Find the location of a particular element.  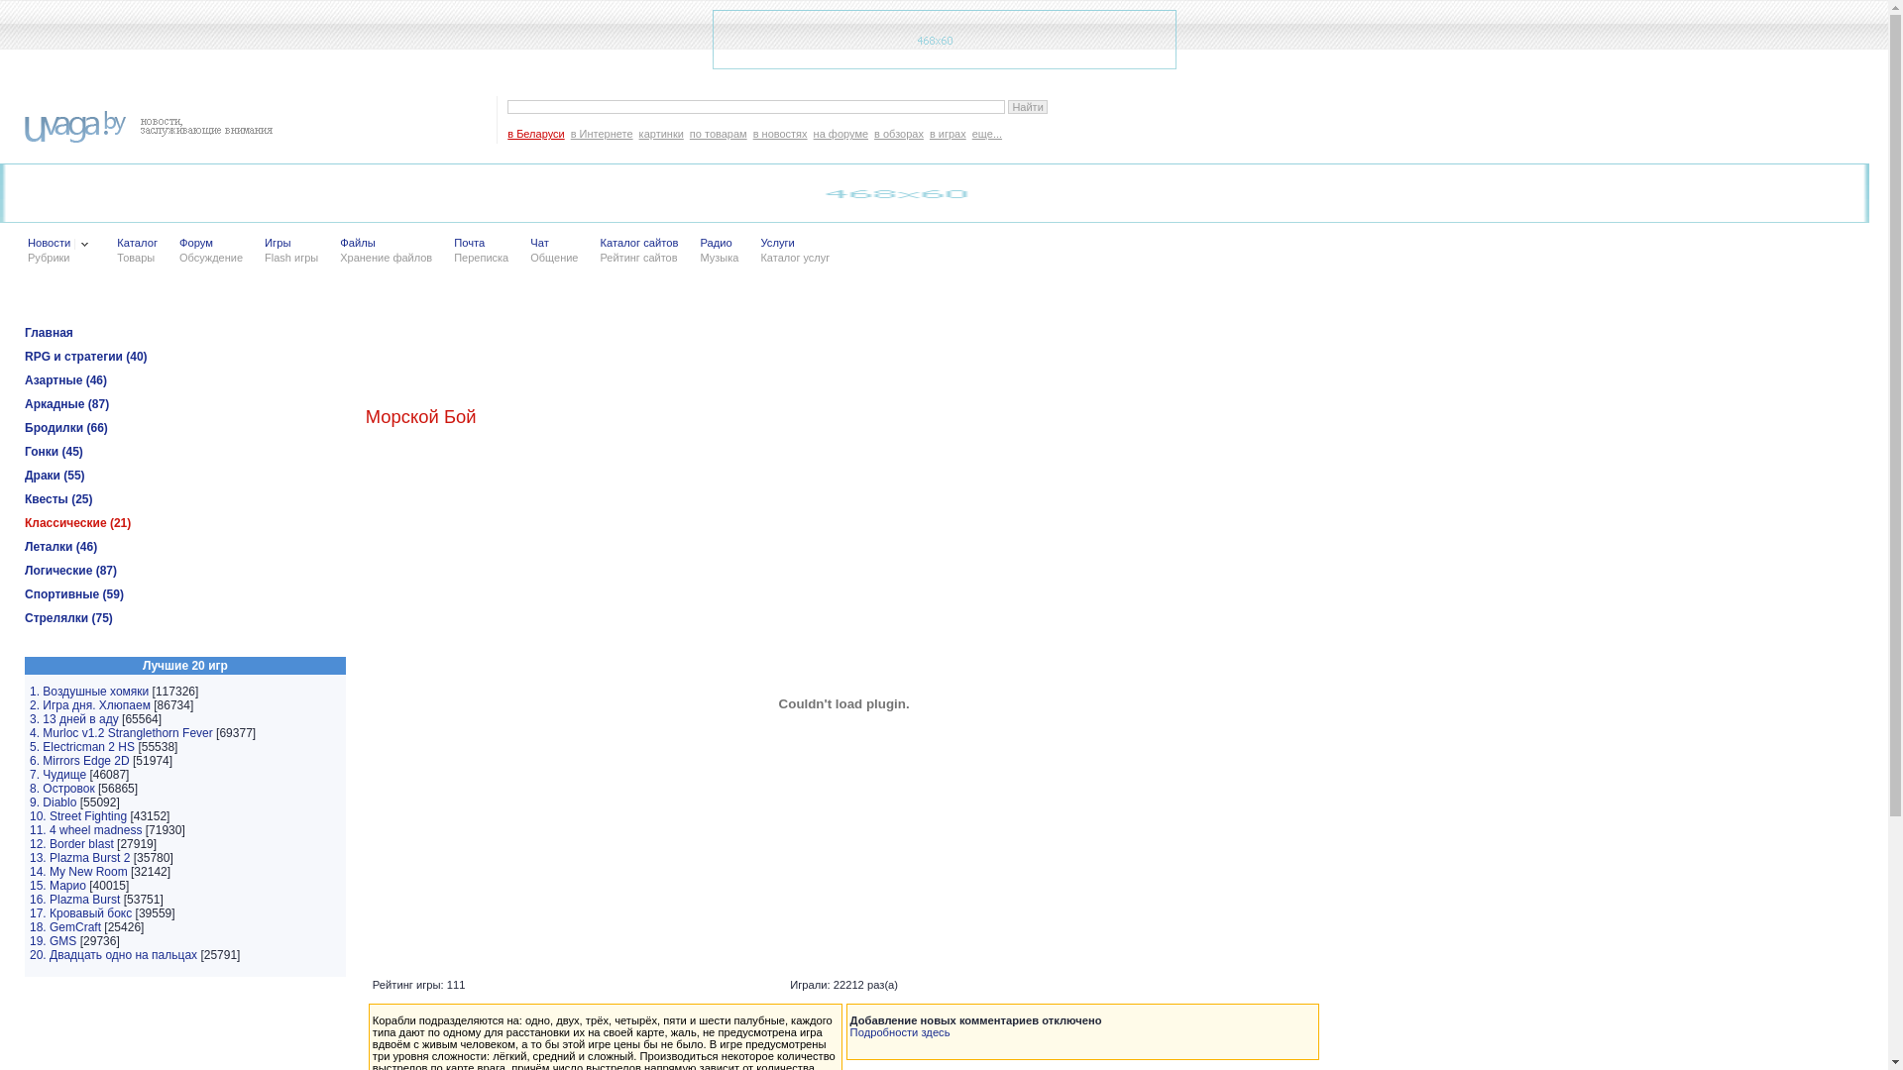

'6. Mirrors Edge 2D' is located at coordinates (79, 759).